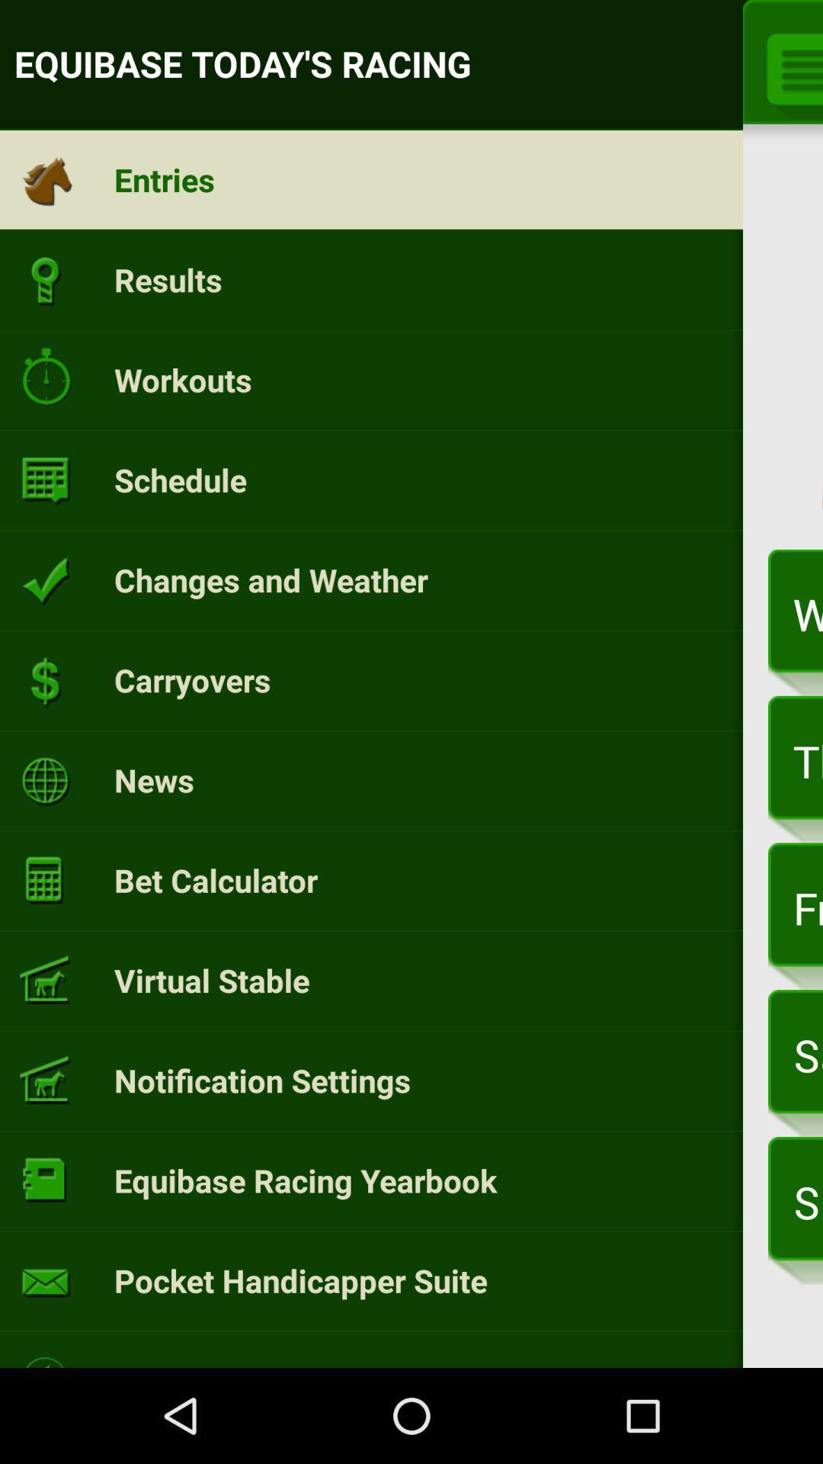  What do you see at coordinates (154, 779) in the screenshot?
I see `item next to the thursday, mar 30 item` at bounding box center [154, 779].